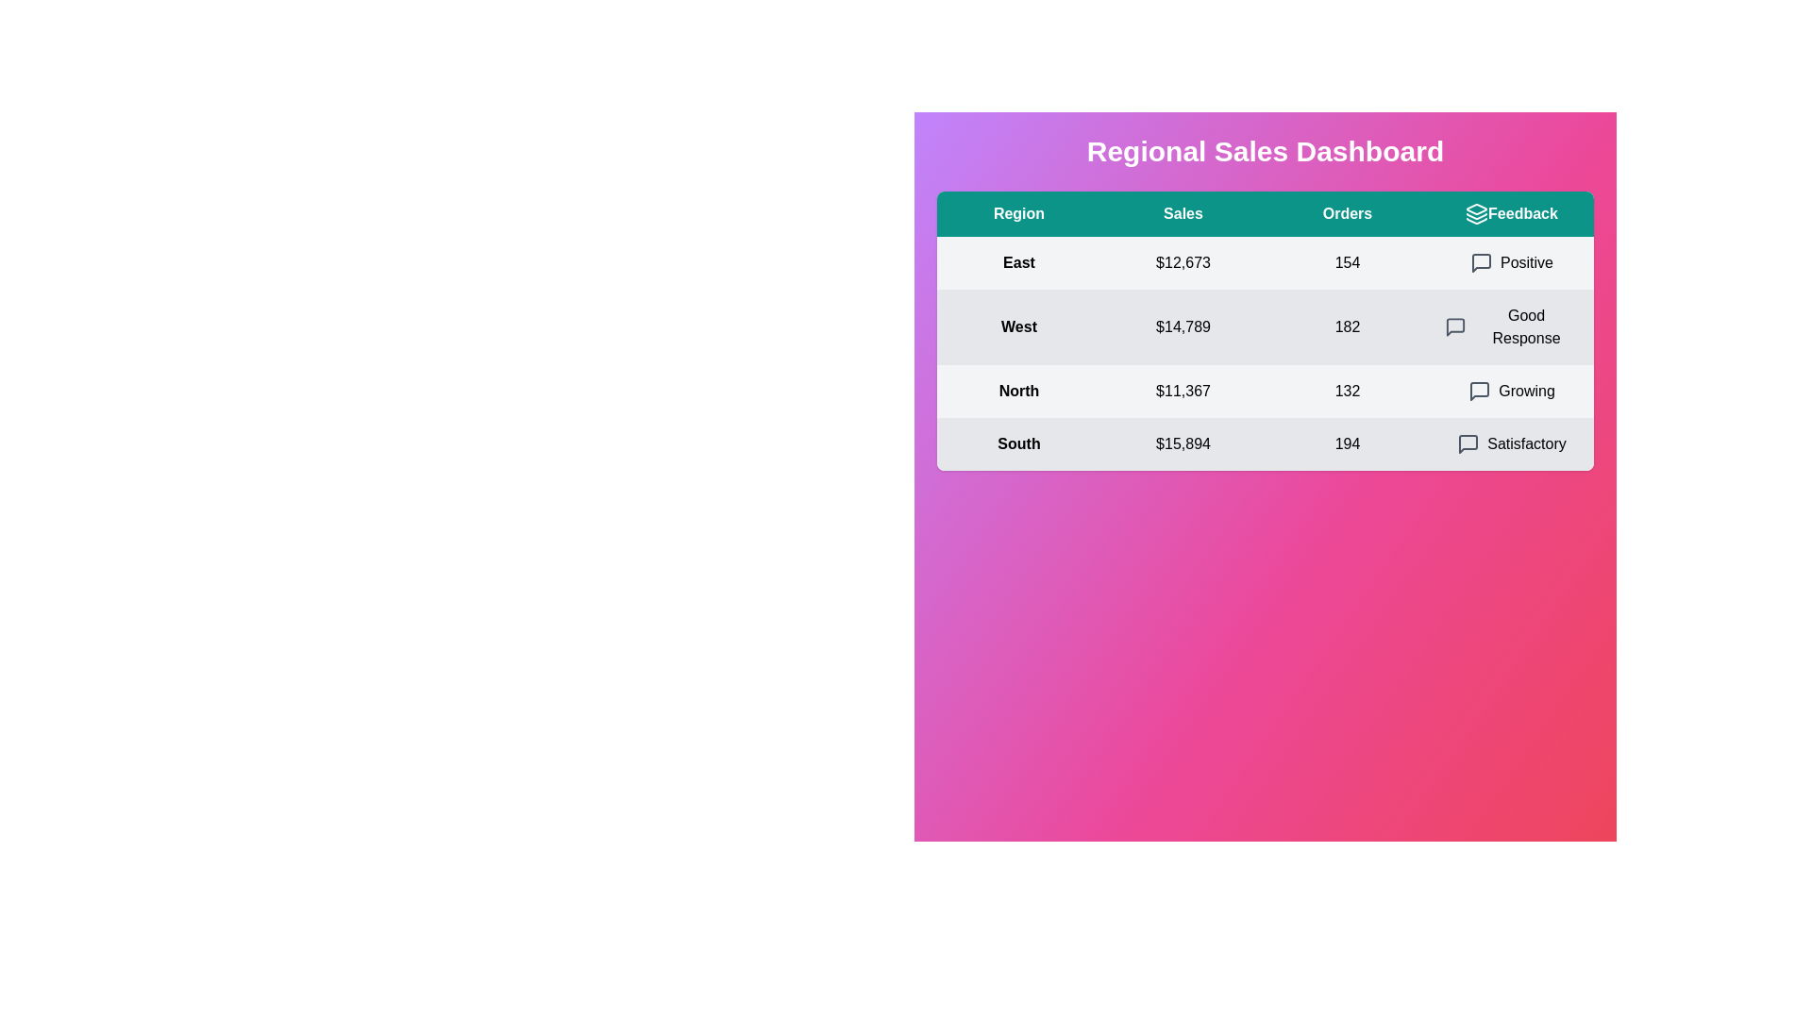 This screenshot has height=1019, width=1812. I want to click on the text in the table header Feedback, so click(1512, 213).